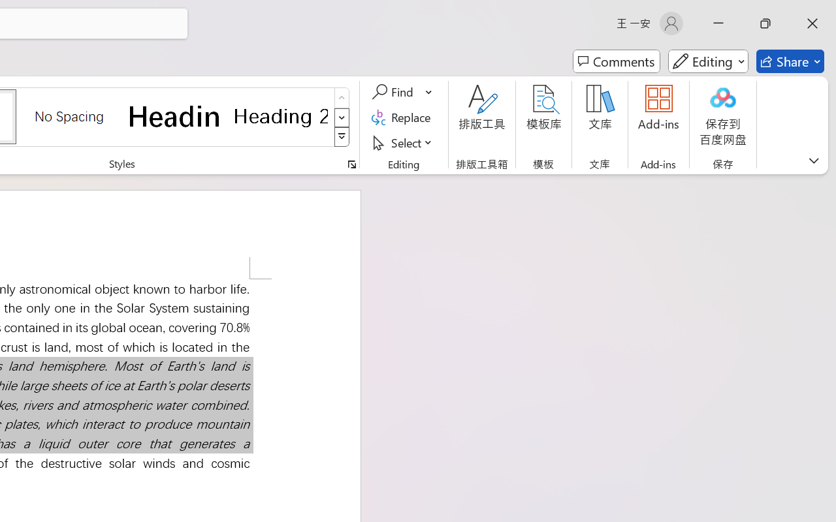 Image resolution: width=836 pixels, height=522 pixels. I want to click on 'Close pane', so click(820, 158).